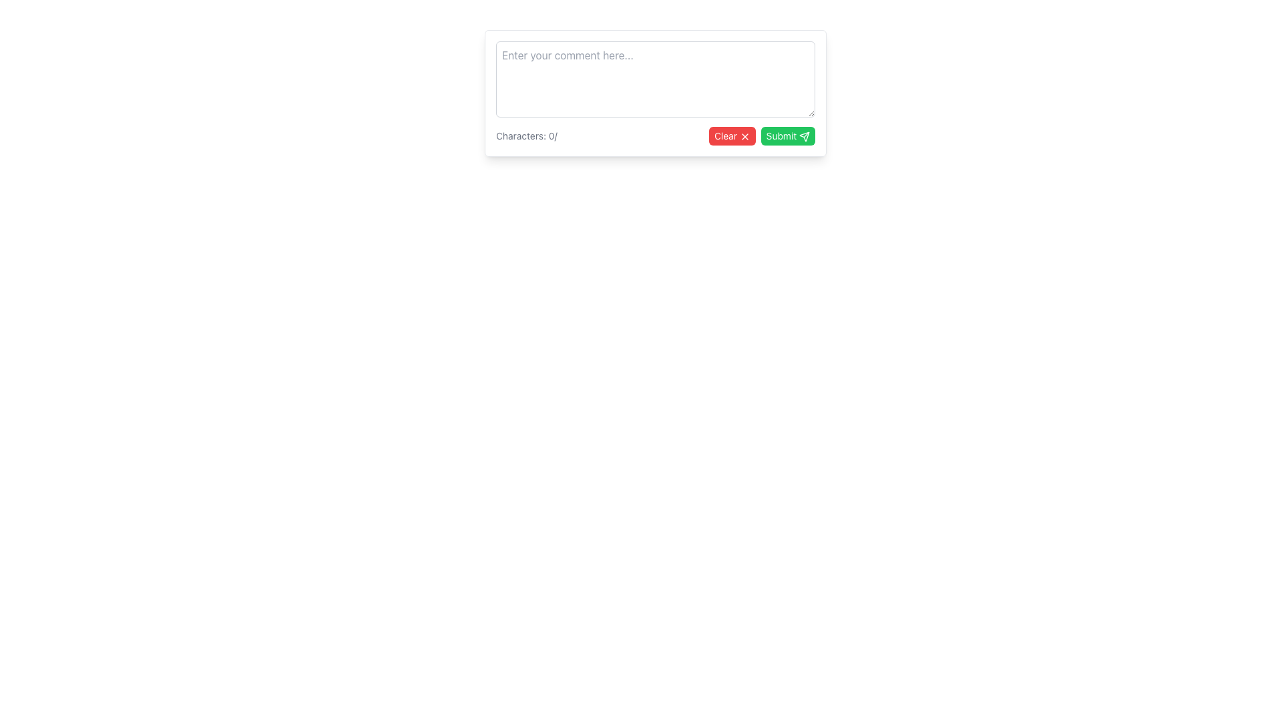 The width and height of the screenshot is (1282, 721). What do you see at coordinates (731, 136) in the screenshot?
I see `the 'Clear' button located below the text input field to reset or clear the content` at bounding box center [731, 136].